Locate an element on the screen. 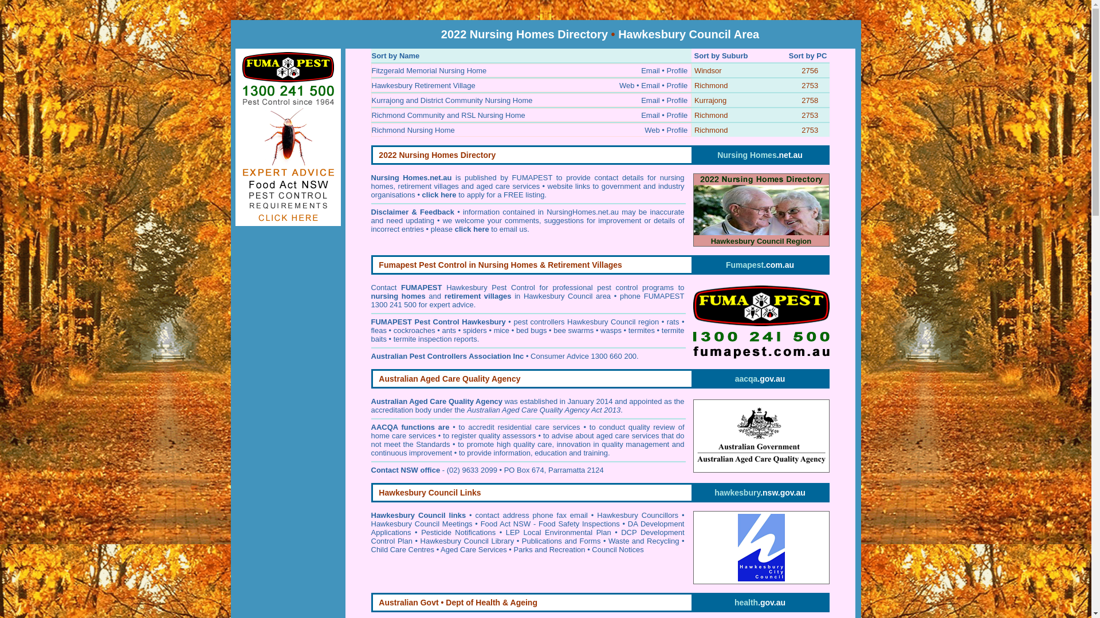 This screenshot has width=1100, height=618. 'FUMAPEST' is located at coordinates (421, 287).